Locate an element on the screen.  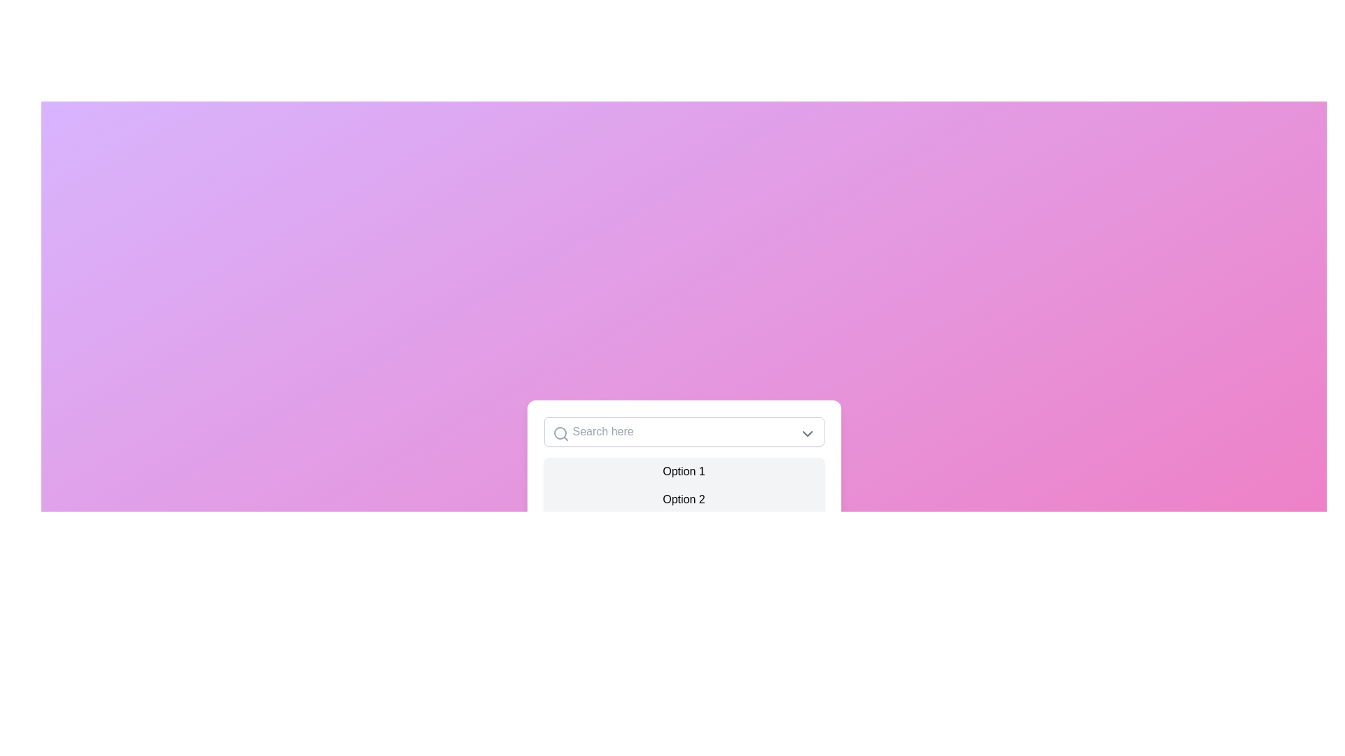
the first list option labeled 'Option 1' in the dropdown menu is located at coordinates (684, 472).